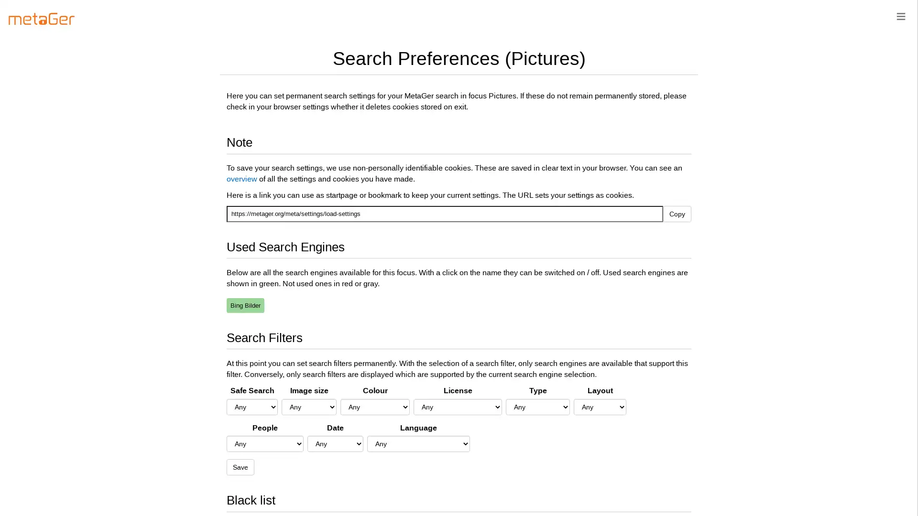 The height and width of the screenshot is (516, 918). I want to click on Save, so click(240, 467).